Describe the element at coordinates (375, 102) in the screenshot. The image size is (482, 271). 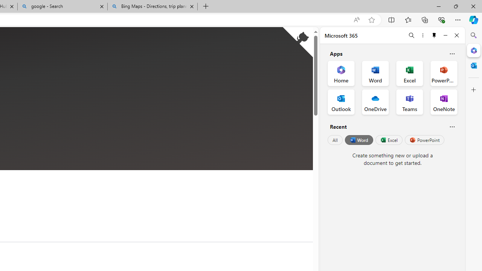
I see `'OneDrive Office App'` at that location.